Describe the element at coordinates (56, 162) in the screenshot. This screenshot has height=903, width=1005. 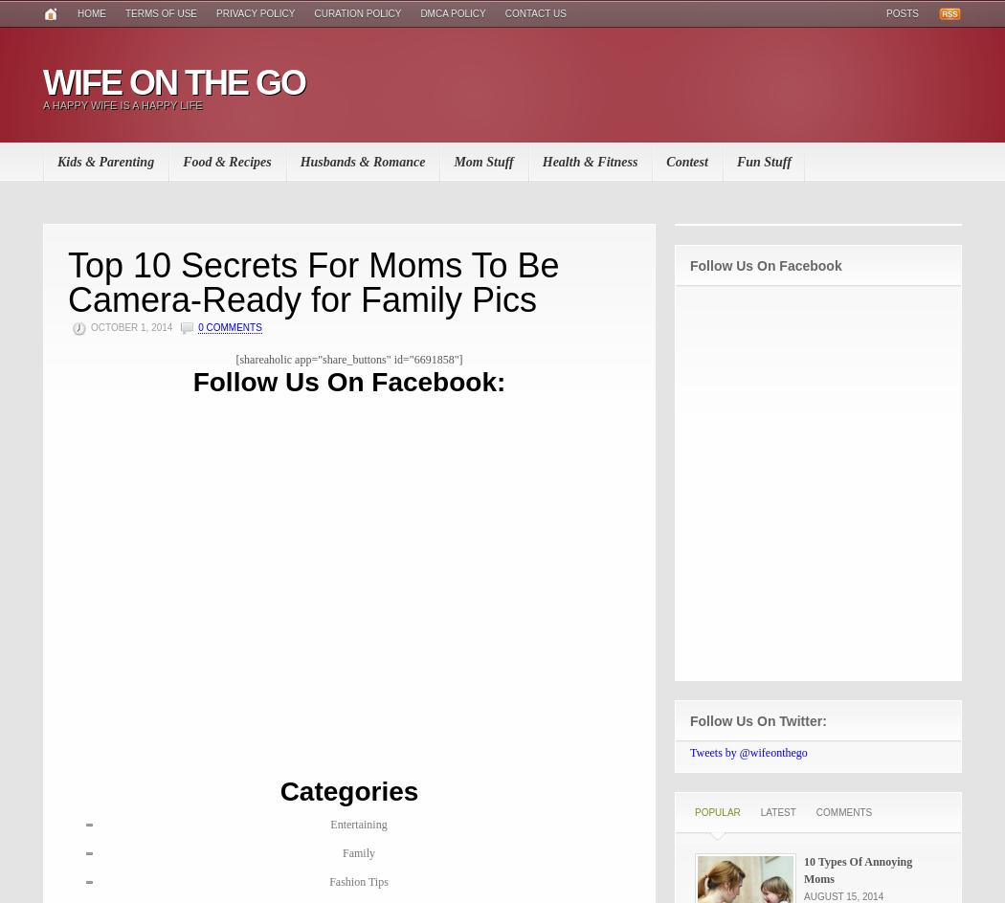
I see `'Kids & Parenting'` at that location.